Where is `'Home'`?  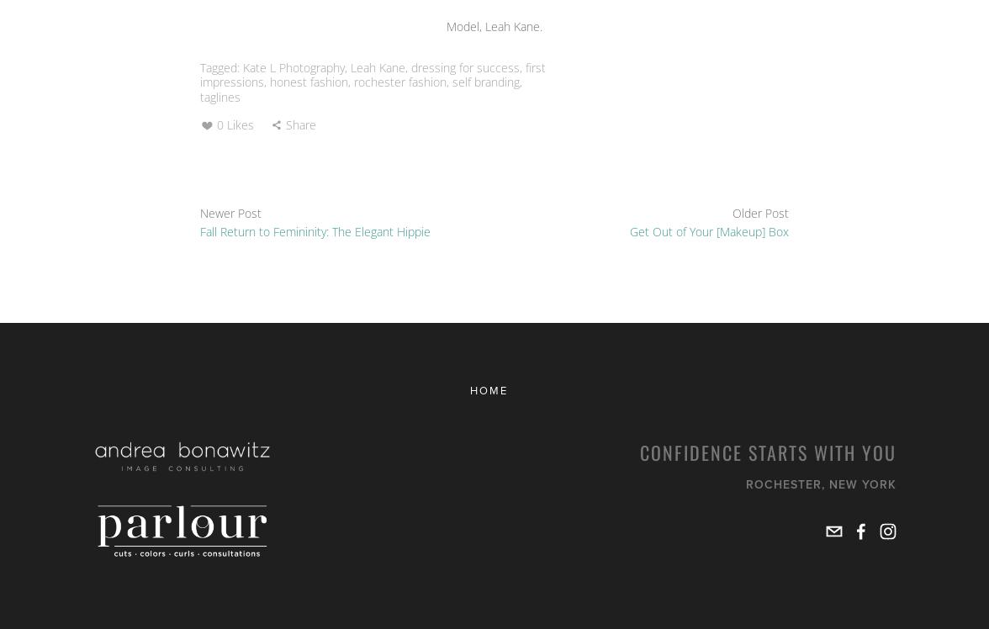 'Home' is located at coordinates (489, 389).